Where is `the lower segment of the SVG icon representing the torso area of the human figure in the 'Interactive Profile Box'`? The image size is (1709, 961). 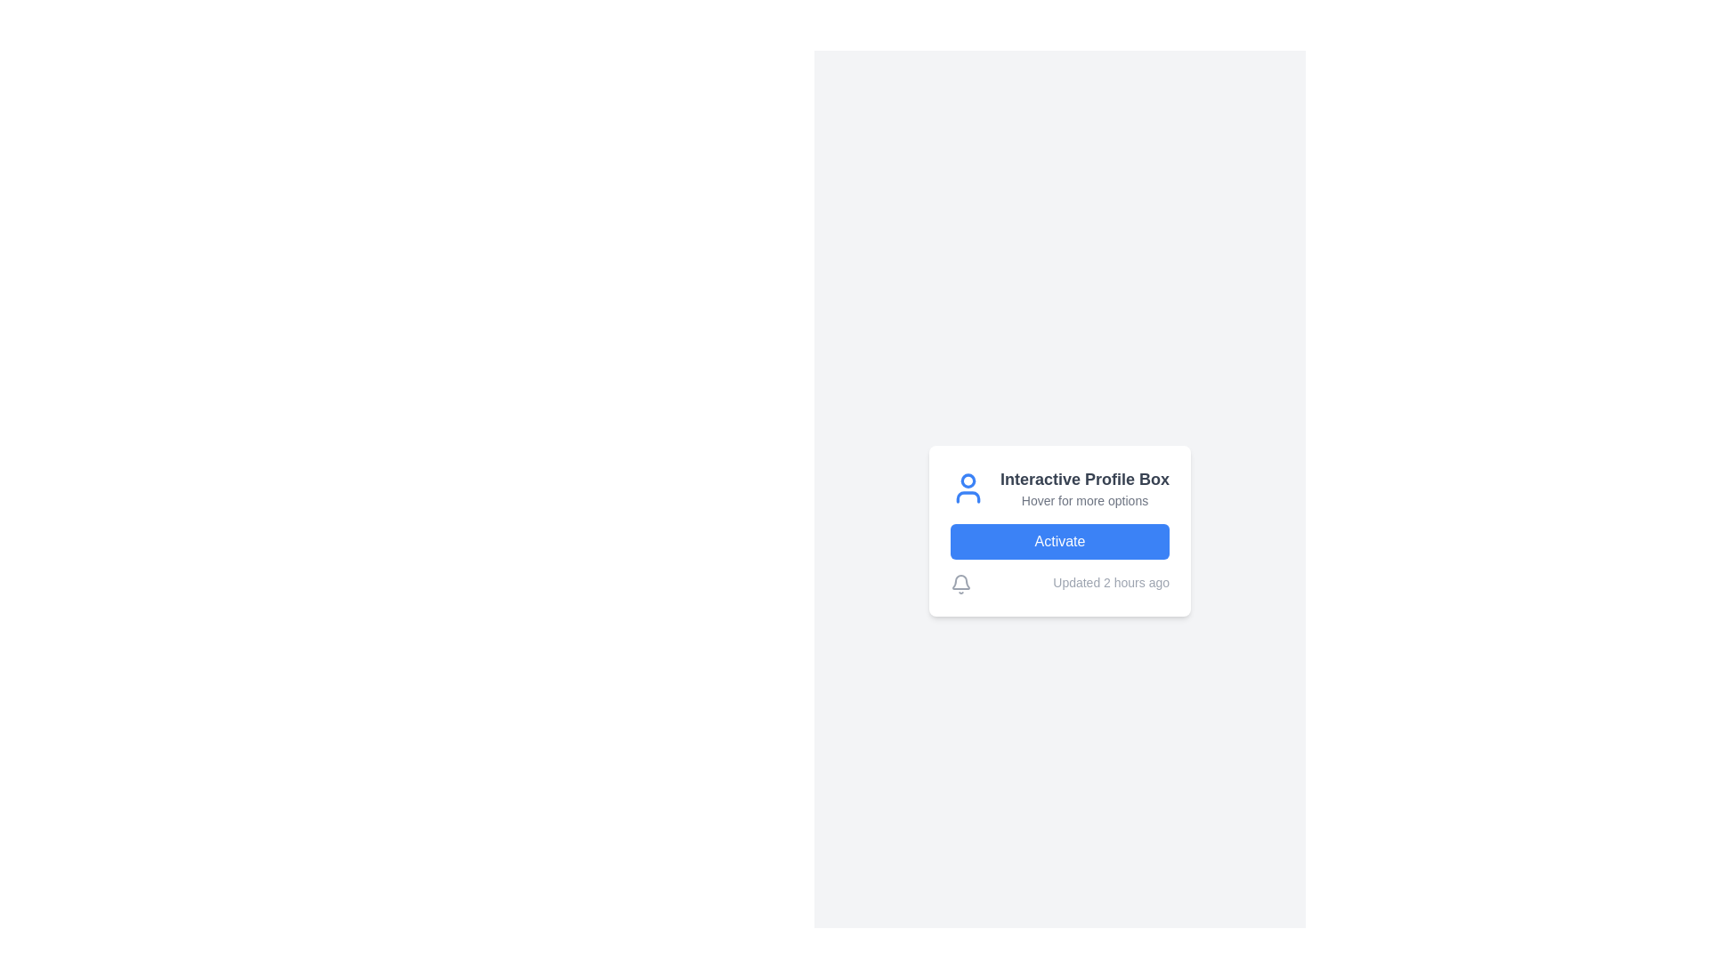
the lower segment of the SVG icon representing the torso area of the human figure in the 'Interactive Profile Box' is located at coordinates (967, 497).